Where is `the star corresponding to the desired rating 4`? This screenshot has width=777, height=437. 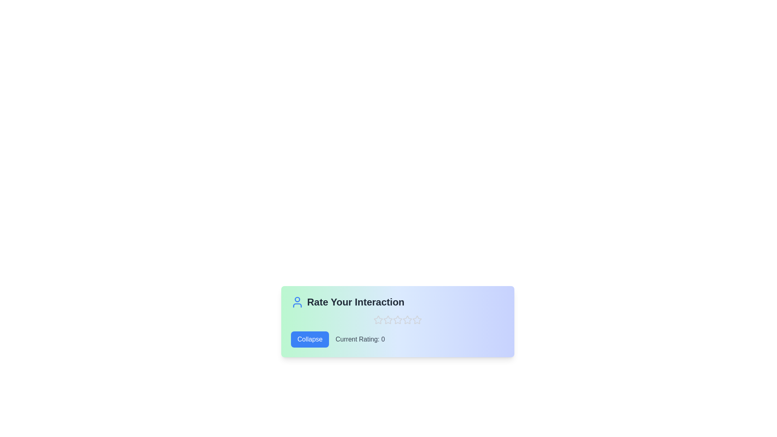
the star corresponding to the desired rating 4 is located at coordinates (408, 319).